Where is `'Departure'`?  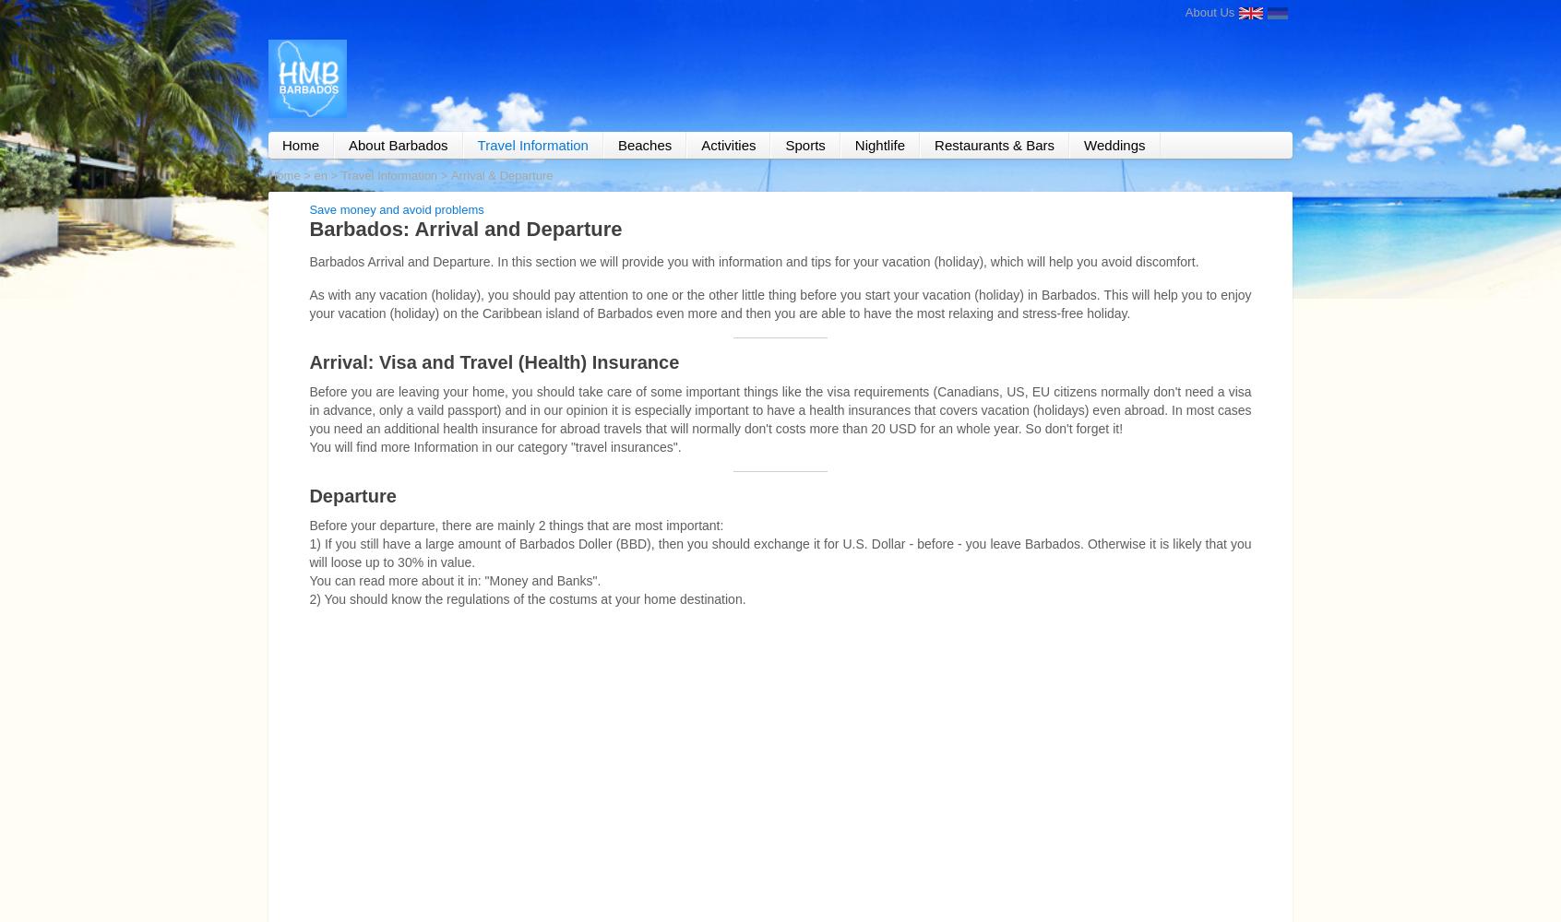
'Departure' is located at coordinates (308, 495).